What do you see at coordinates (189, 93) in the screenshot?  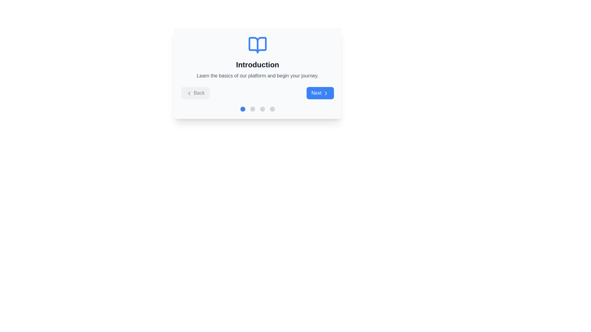 I see `the visual details of the navigation back icon located at the center-left of the 'Back' button within the dialog box layout` at bounding box center [189, 93].